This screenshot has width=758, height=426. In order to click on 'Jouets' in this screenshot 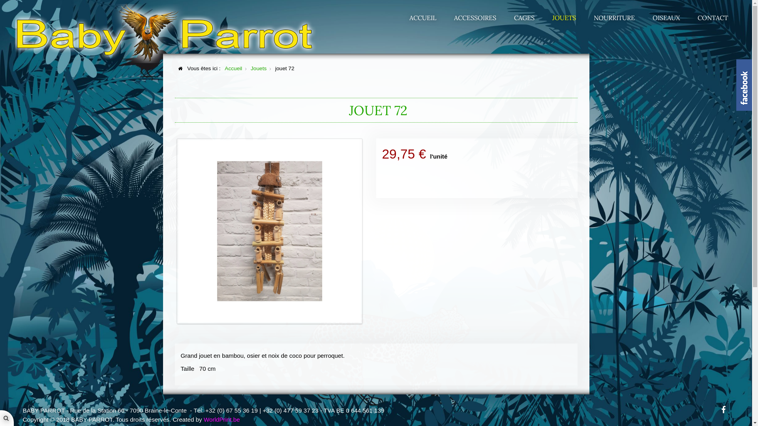, I will do `click(250, 68)`.